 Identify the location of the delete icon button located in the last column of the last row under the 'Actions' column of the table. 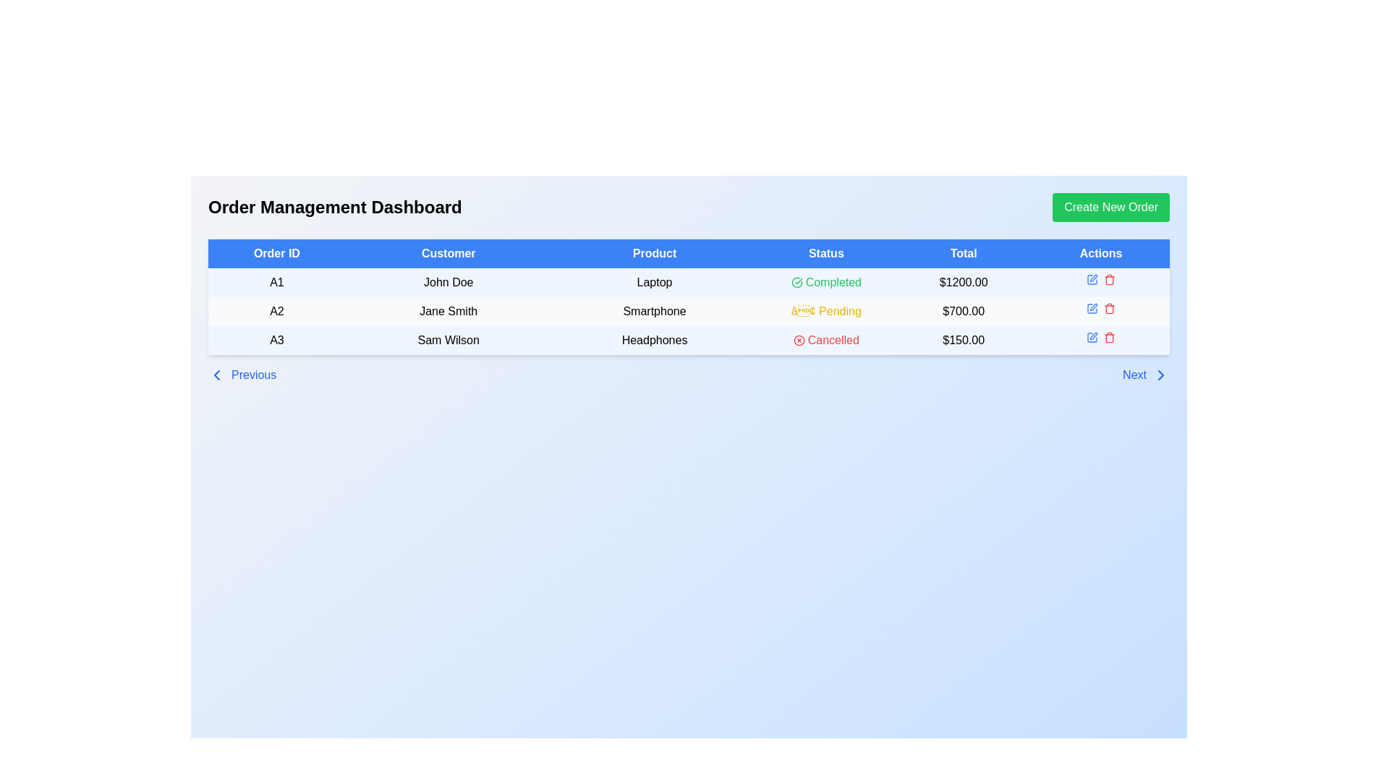
(1109, 337).